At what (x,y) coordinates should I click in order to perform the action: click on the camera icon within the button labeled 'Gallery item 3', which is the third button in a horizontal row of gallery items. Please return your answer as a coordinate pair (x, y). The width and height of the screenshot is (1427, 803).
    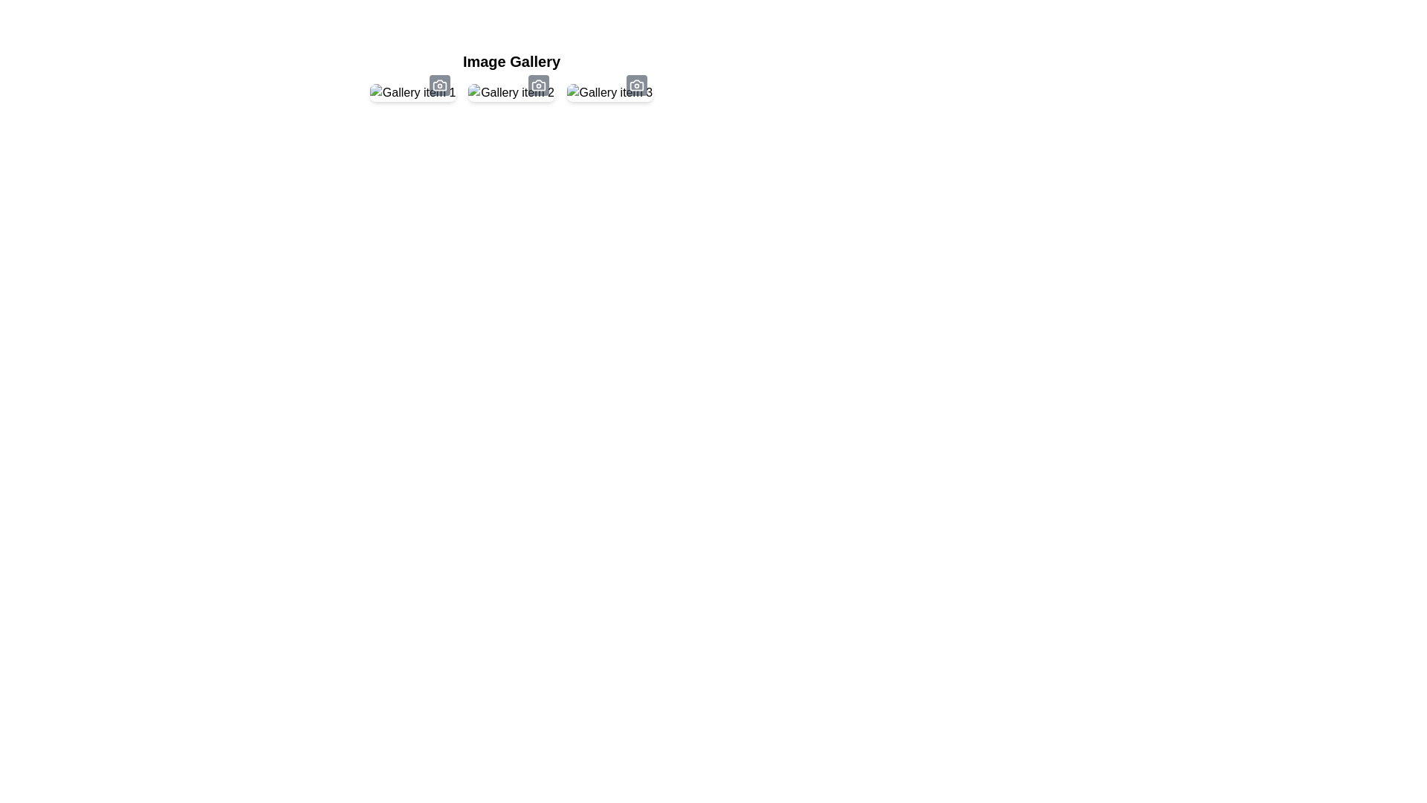
    Looking at the image, I should click on (637, 86).